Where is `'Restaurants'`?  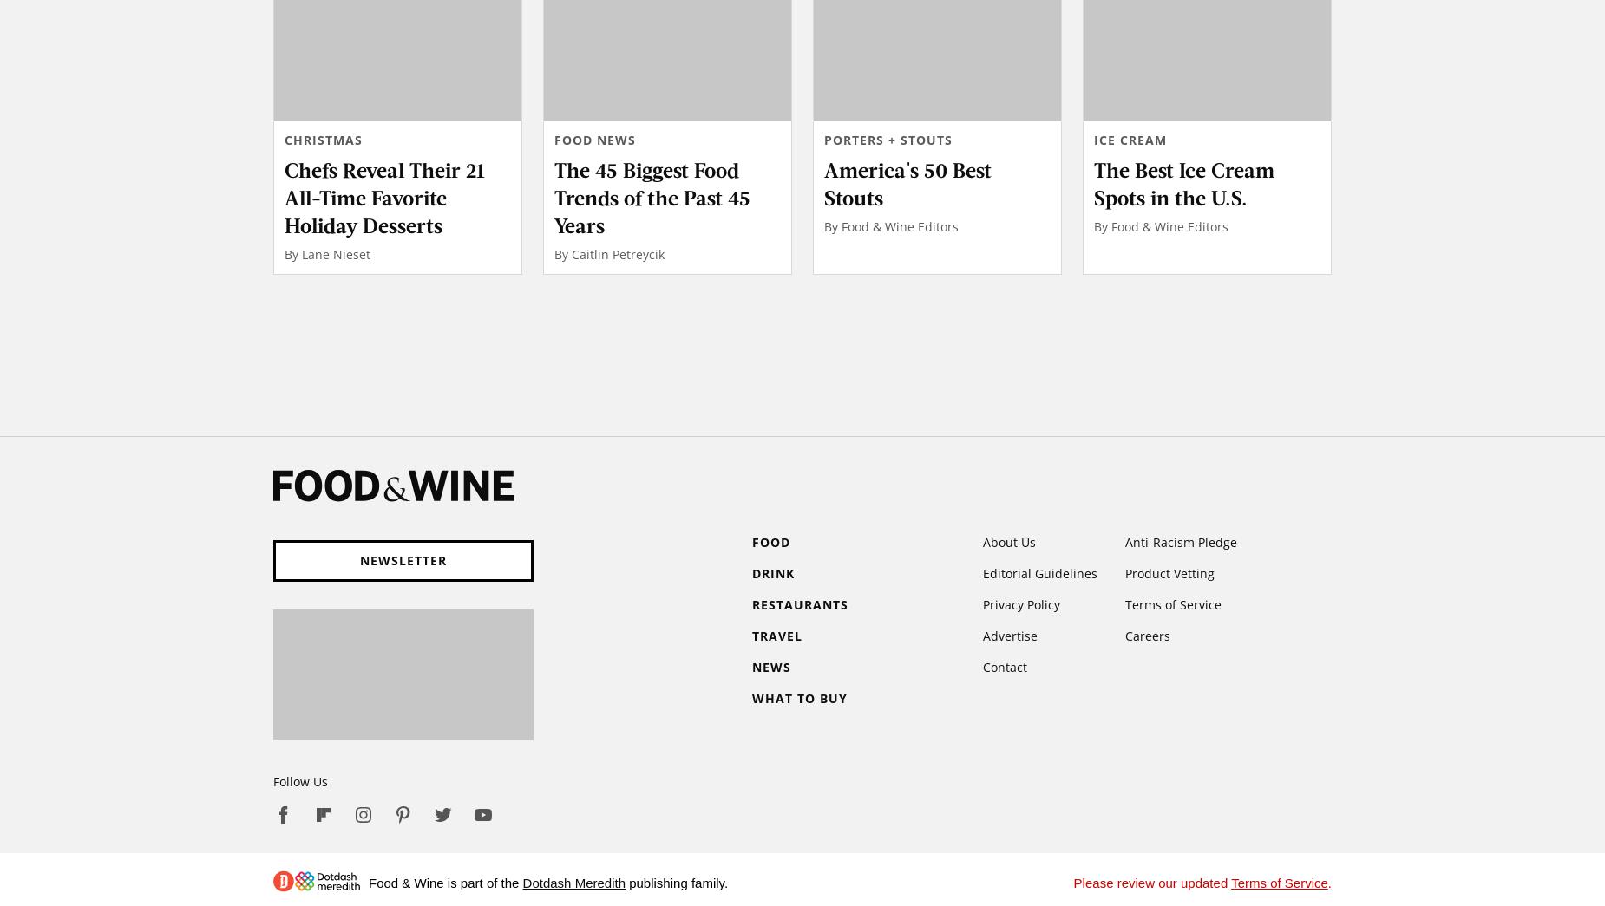 'Restaurants' is located at coordinates (800, 603).